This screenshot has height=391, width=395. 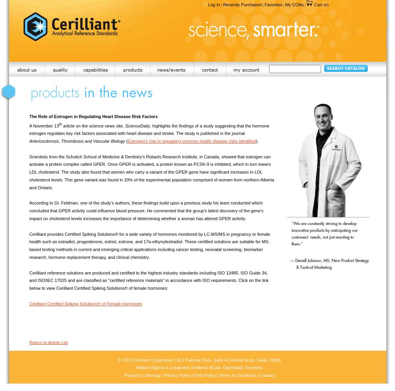 I want to click on '(0)', so click(x=326, y=5).